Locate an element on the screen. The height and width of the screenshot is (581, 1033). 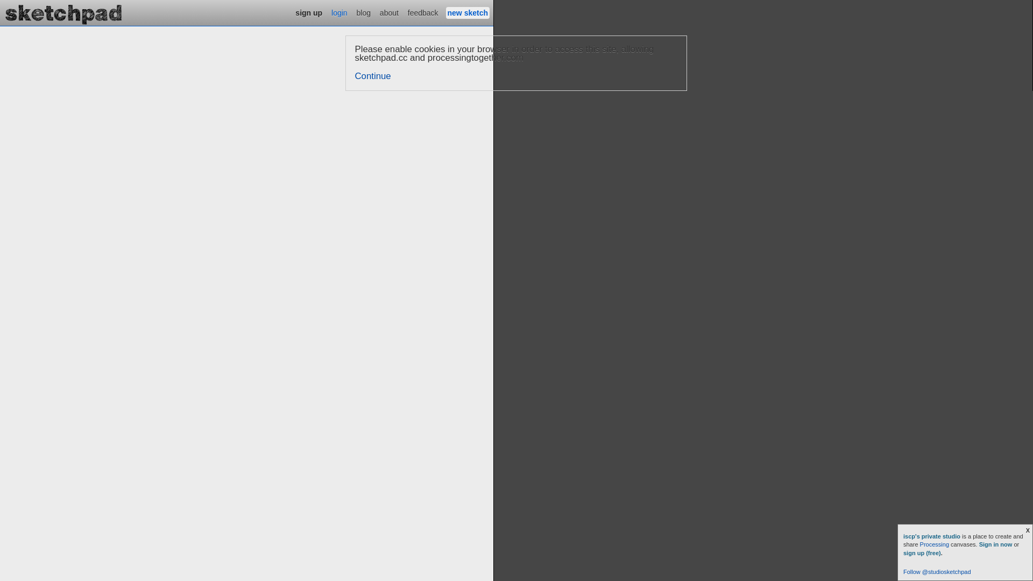
'login' is located at coordinates (338, 12).